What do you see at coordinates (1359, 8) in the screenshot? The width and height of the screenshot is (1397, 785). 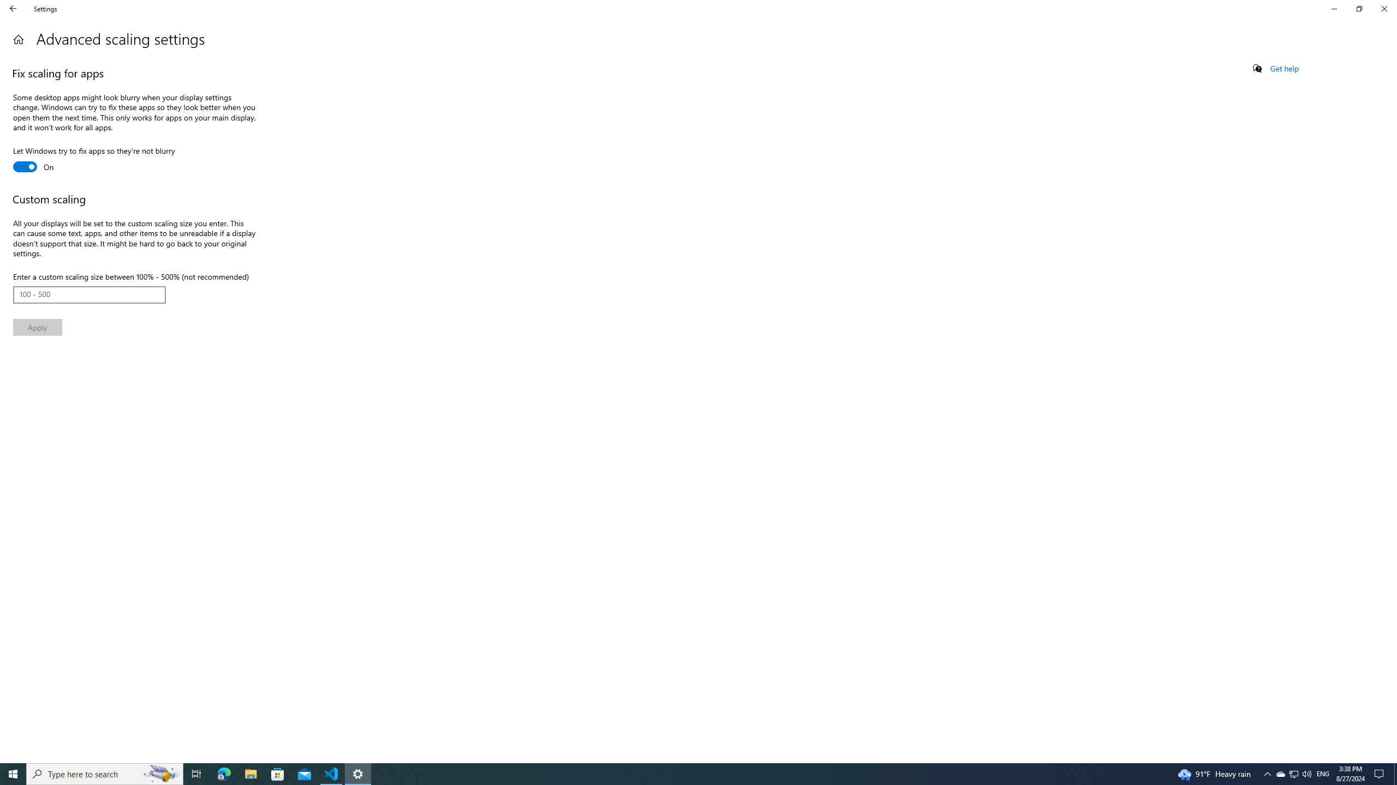 I see `'Restore Settings'` at bounding box center [1359, 8].